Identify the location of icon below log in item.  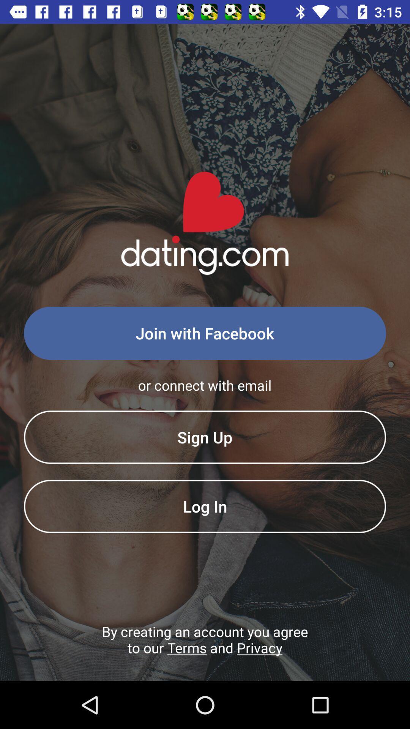
(205, 651).